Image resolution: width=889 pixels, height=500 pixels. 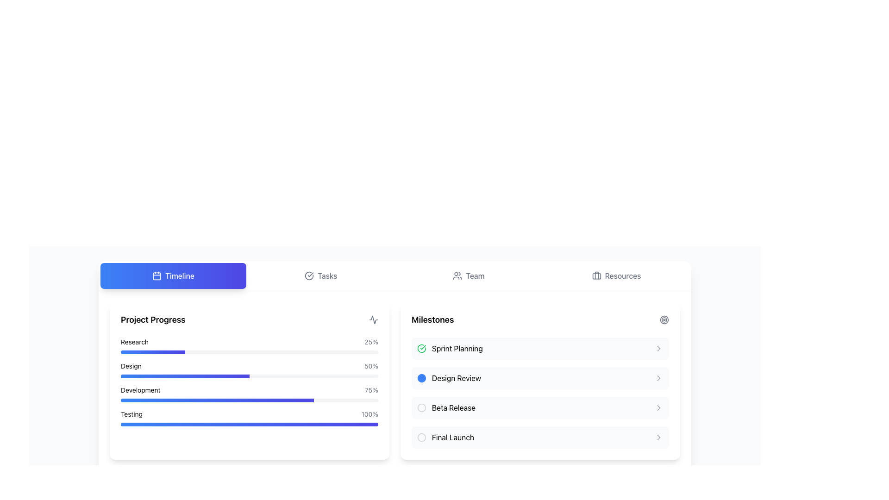 I want to click on the right-facing chevron icon located to the right of the 'Sprint Planning' milestone item in the 'Milestones' section, so click(x=658, y=348).